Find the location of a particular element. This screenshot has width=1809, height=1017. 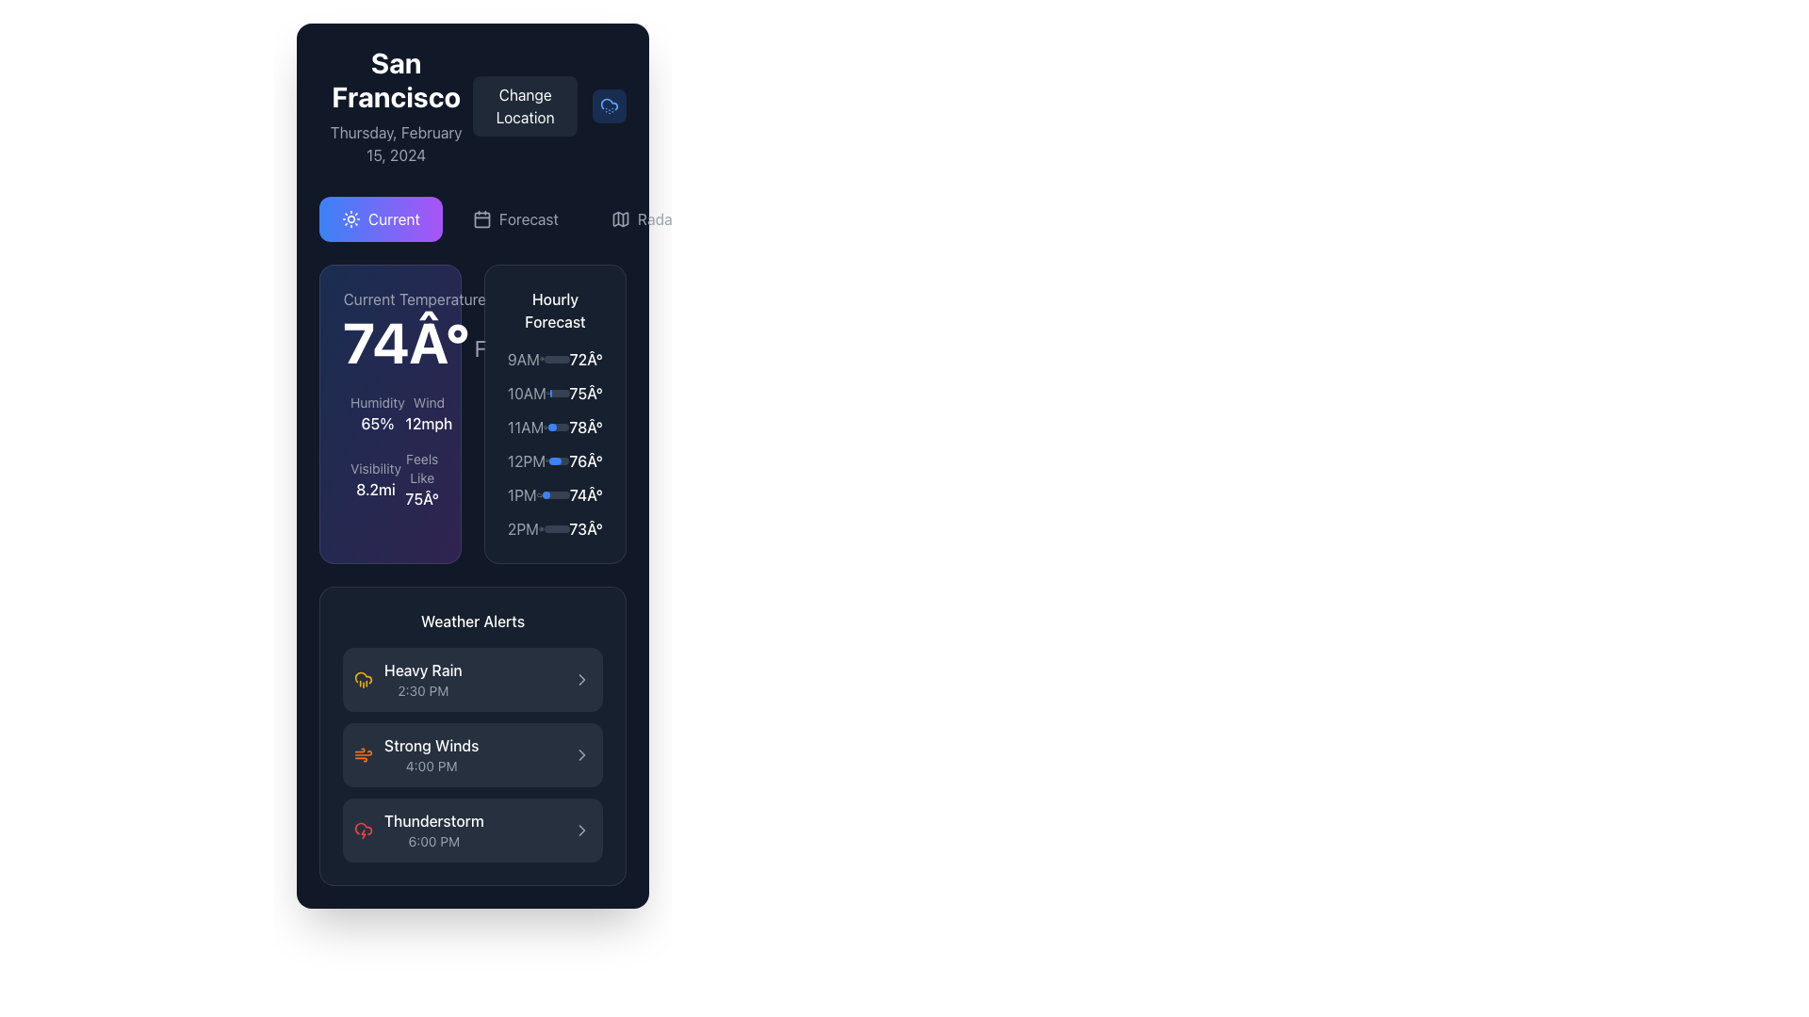

the text label that displays the temperature forecast for '11AM', located in the hourly forecast section and positioned right next to the weather icon is located at coordinates (585, 428).